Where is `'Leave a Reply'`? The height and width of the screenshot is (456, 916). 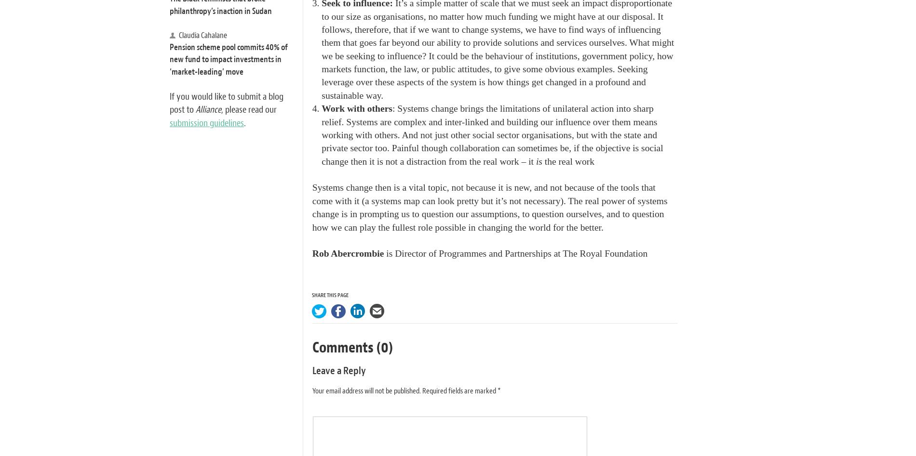
'Leave a Reply' is located at coordinates (338, 371).